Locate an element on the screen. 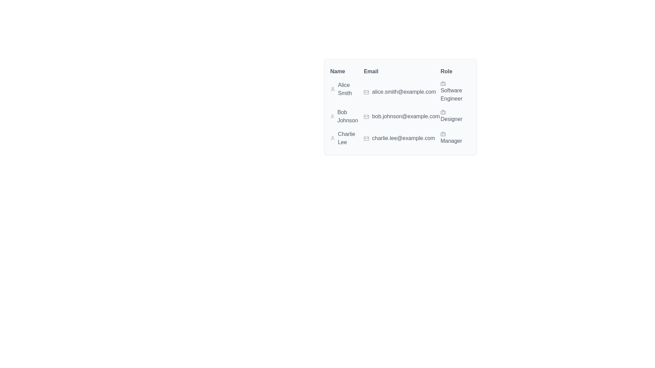 The image size is (655, 368). email address displayed in the 'Email' column for the user Charlie Lee, located between the user's name and role in the table is located at coordinates (402, 138).